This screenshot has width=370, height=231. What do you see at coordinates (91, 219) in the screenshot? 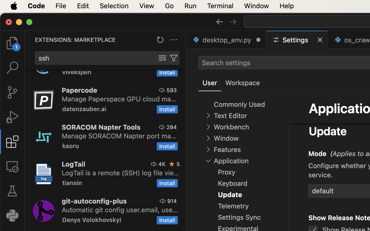
I see `'Denys Volokhovskyi'` at bounding box center [91, 219].